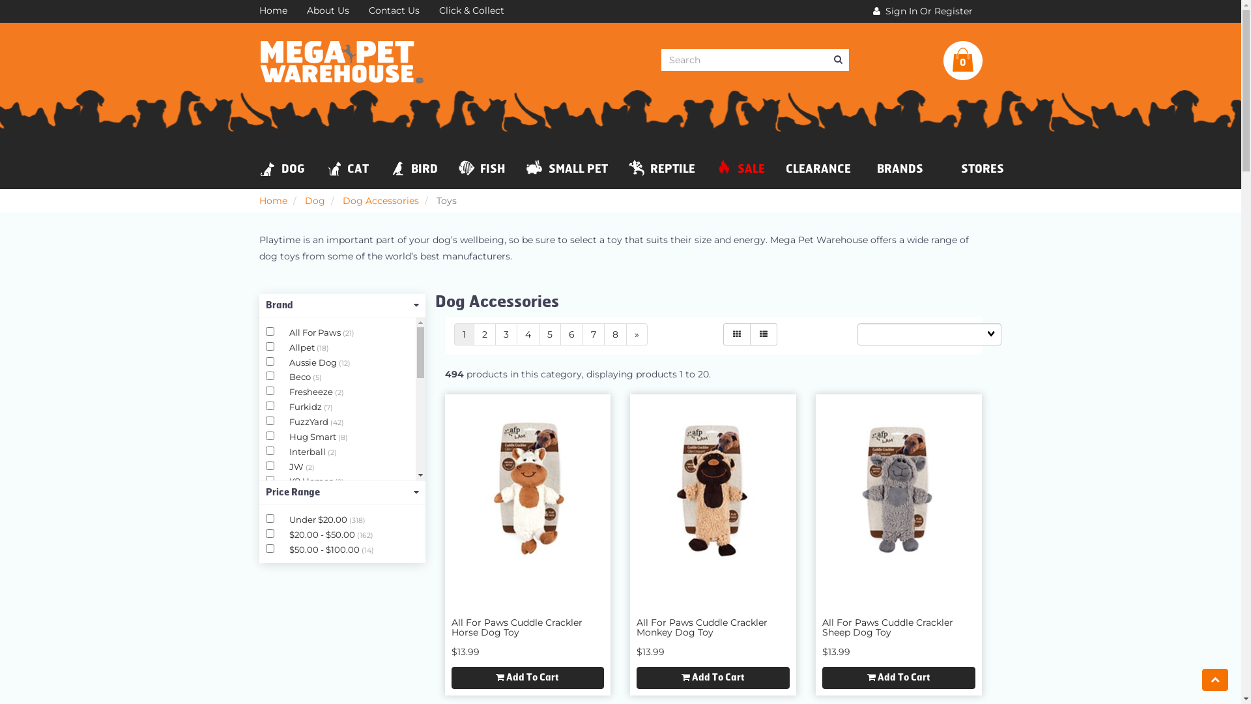  I want to click on 'Dog', so click(315, 201).